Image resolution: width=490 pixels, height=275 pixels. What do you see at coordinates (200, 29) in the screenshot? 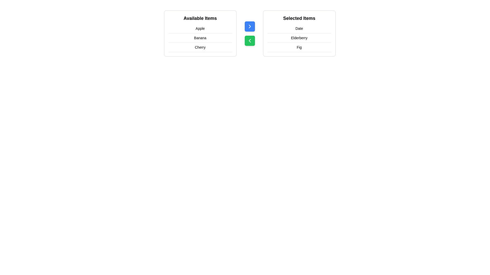
I see `the text label 'Apple' which is the first item in the list of 'Available Items' on the left section of the interface` at bounding box center [200, 29].